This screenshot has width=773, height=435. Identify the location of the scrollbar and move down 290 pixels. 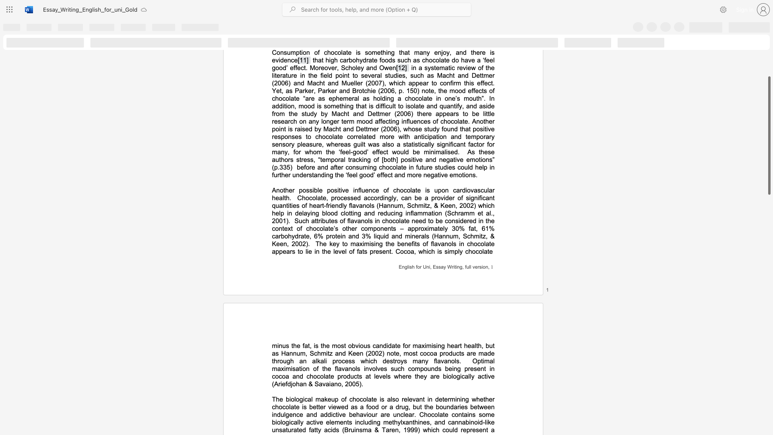
(769, 135).